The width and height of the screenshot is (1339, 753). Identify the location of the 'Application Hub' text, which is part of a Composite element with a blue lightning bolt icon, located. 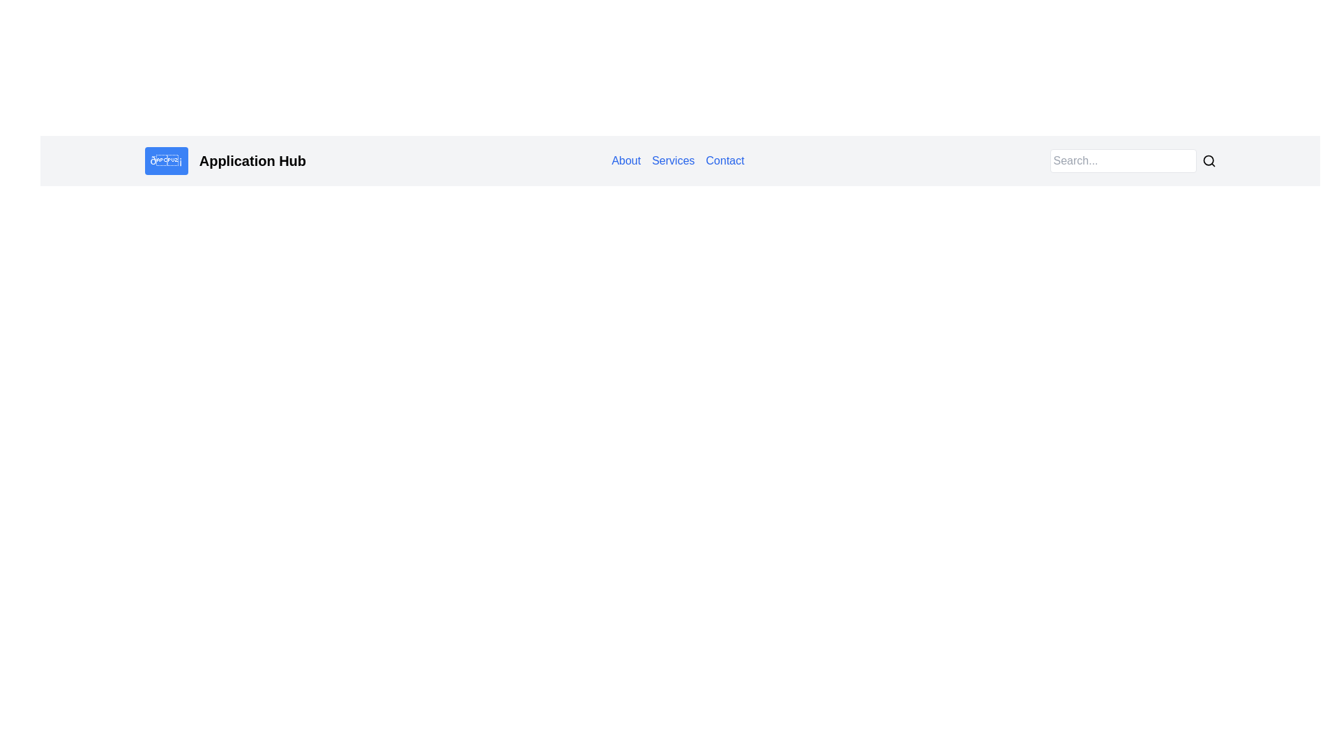
(225, 160).